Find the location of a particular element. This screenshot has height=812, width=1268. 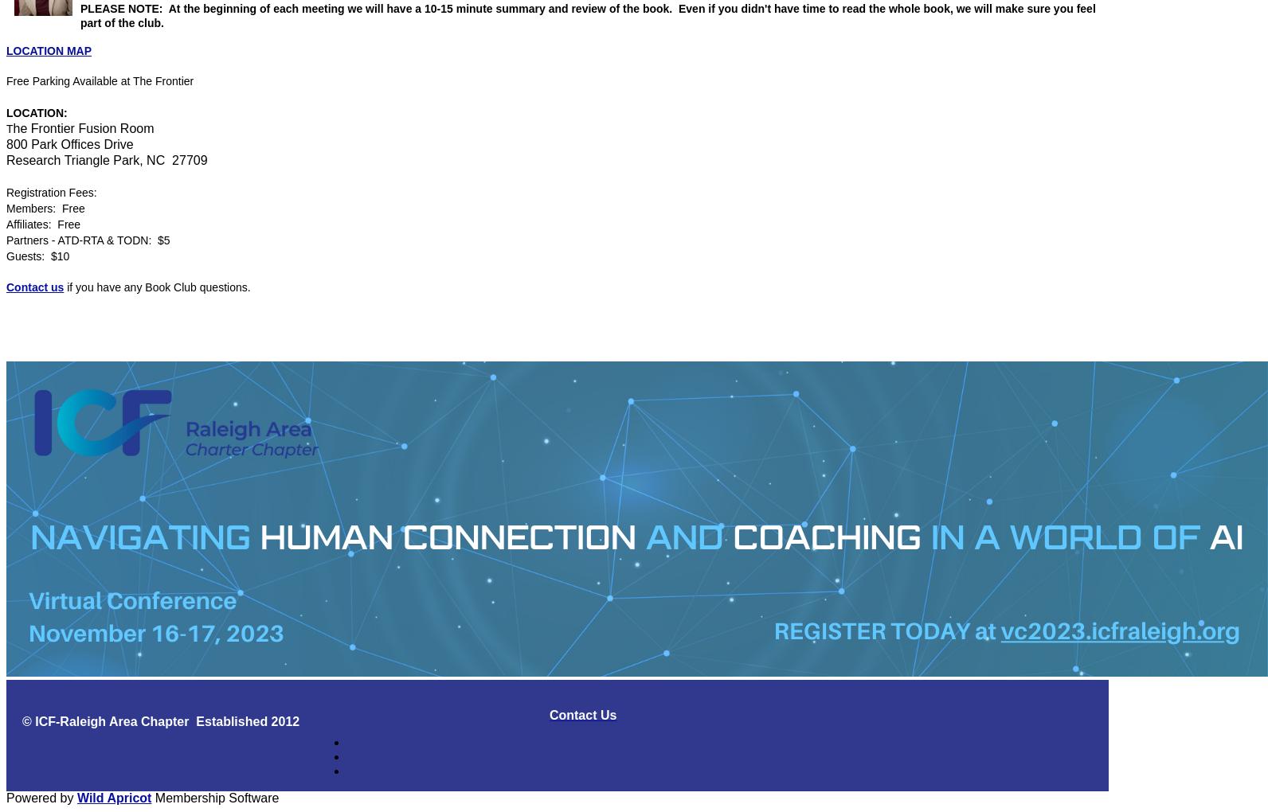

'Membership Software' is located at coordinates (214, 797).